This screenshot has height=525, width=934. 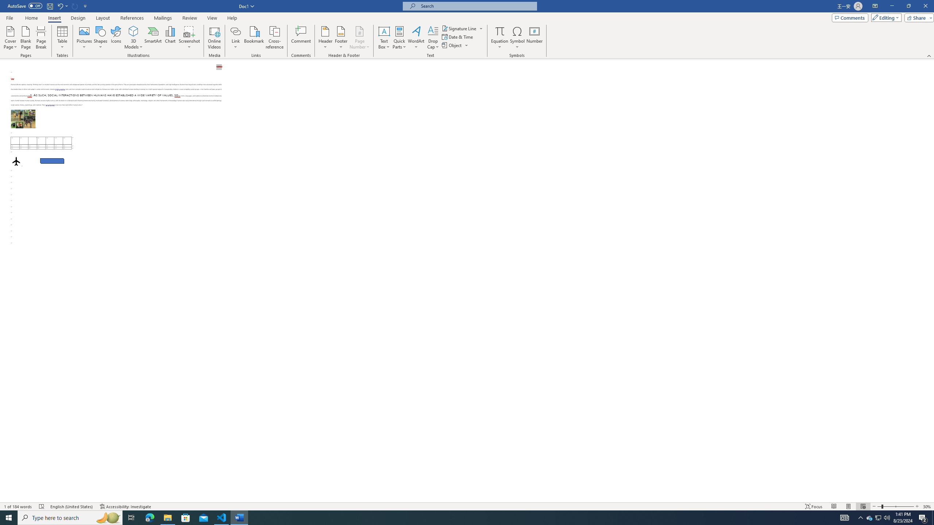 I want to click on 'Zoom Out', so click(x=879, y=506).